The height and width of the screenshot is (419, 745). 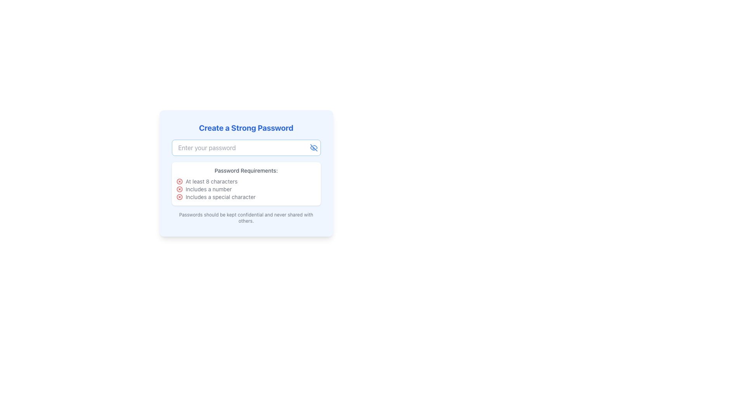 What do you see at coordinates (246, 128) in the screenshot?
I see `the Text Label that indicates the purpose of the following input and instructions, positioned at the top of the card layout, above the password input field` at bounding box center [246, 128].